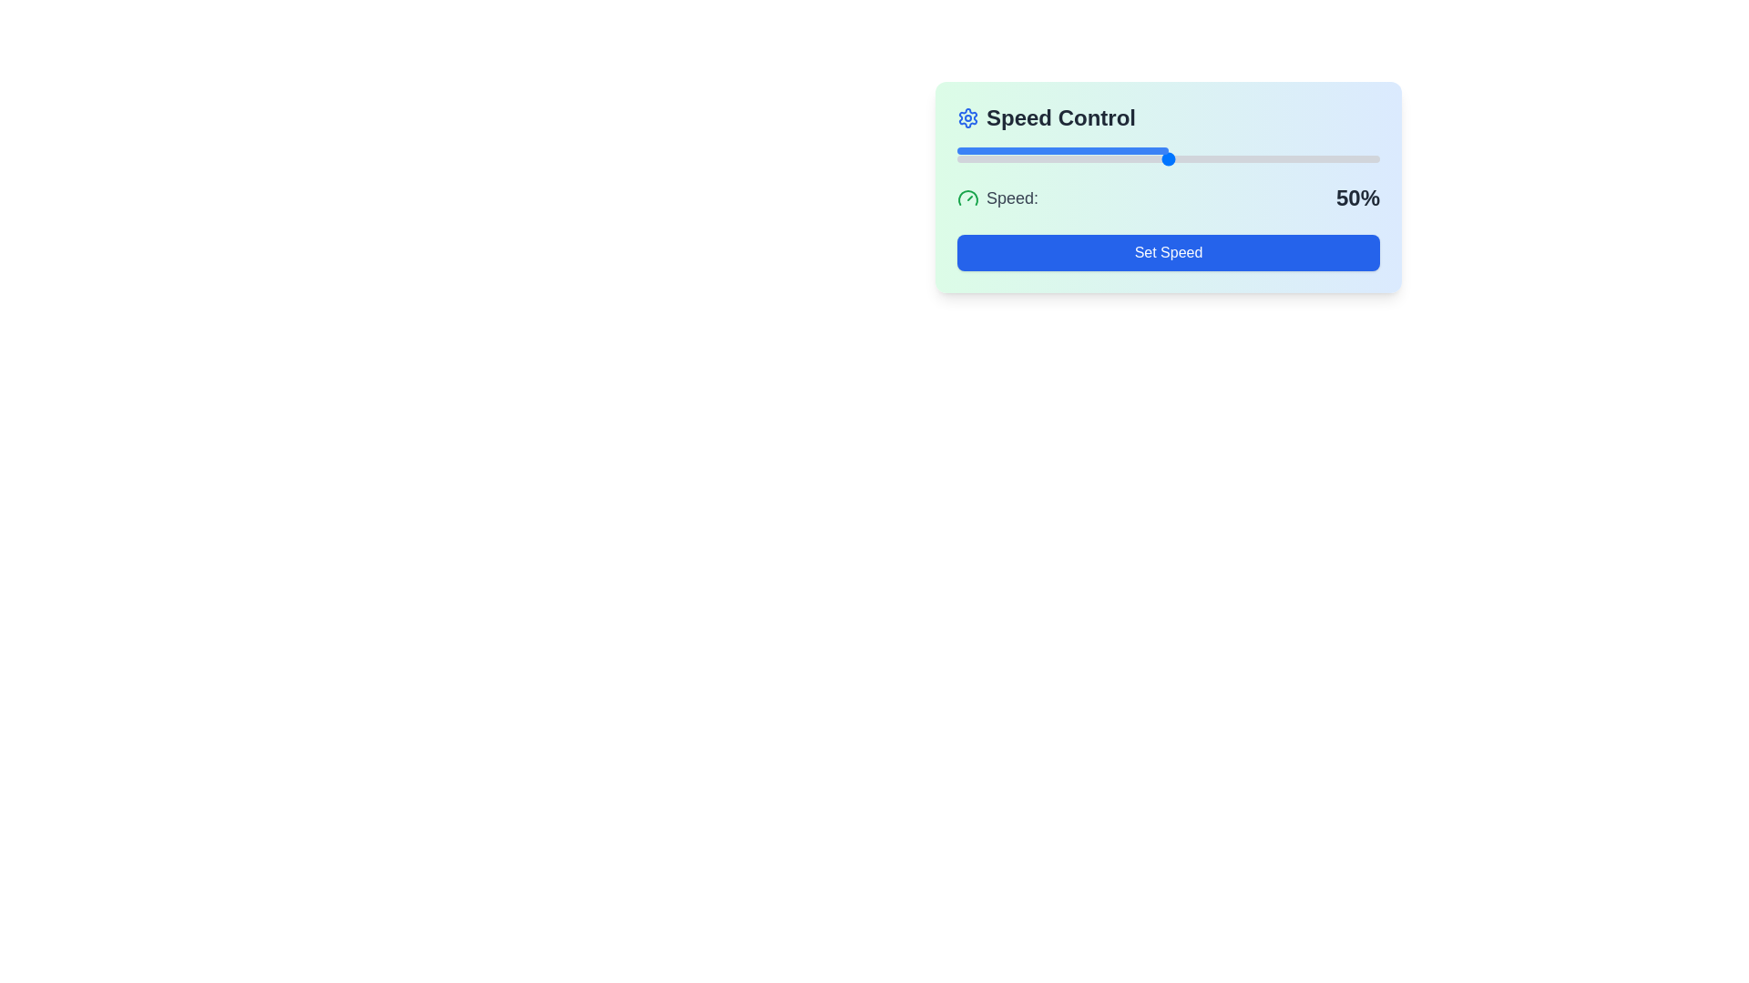 This screenshot has height=983, width=1749. What do you see at coordinates (977, 157) in the screenshot?
I see `the slider` at bounding box center [977, 157].